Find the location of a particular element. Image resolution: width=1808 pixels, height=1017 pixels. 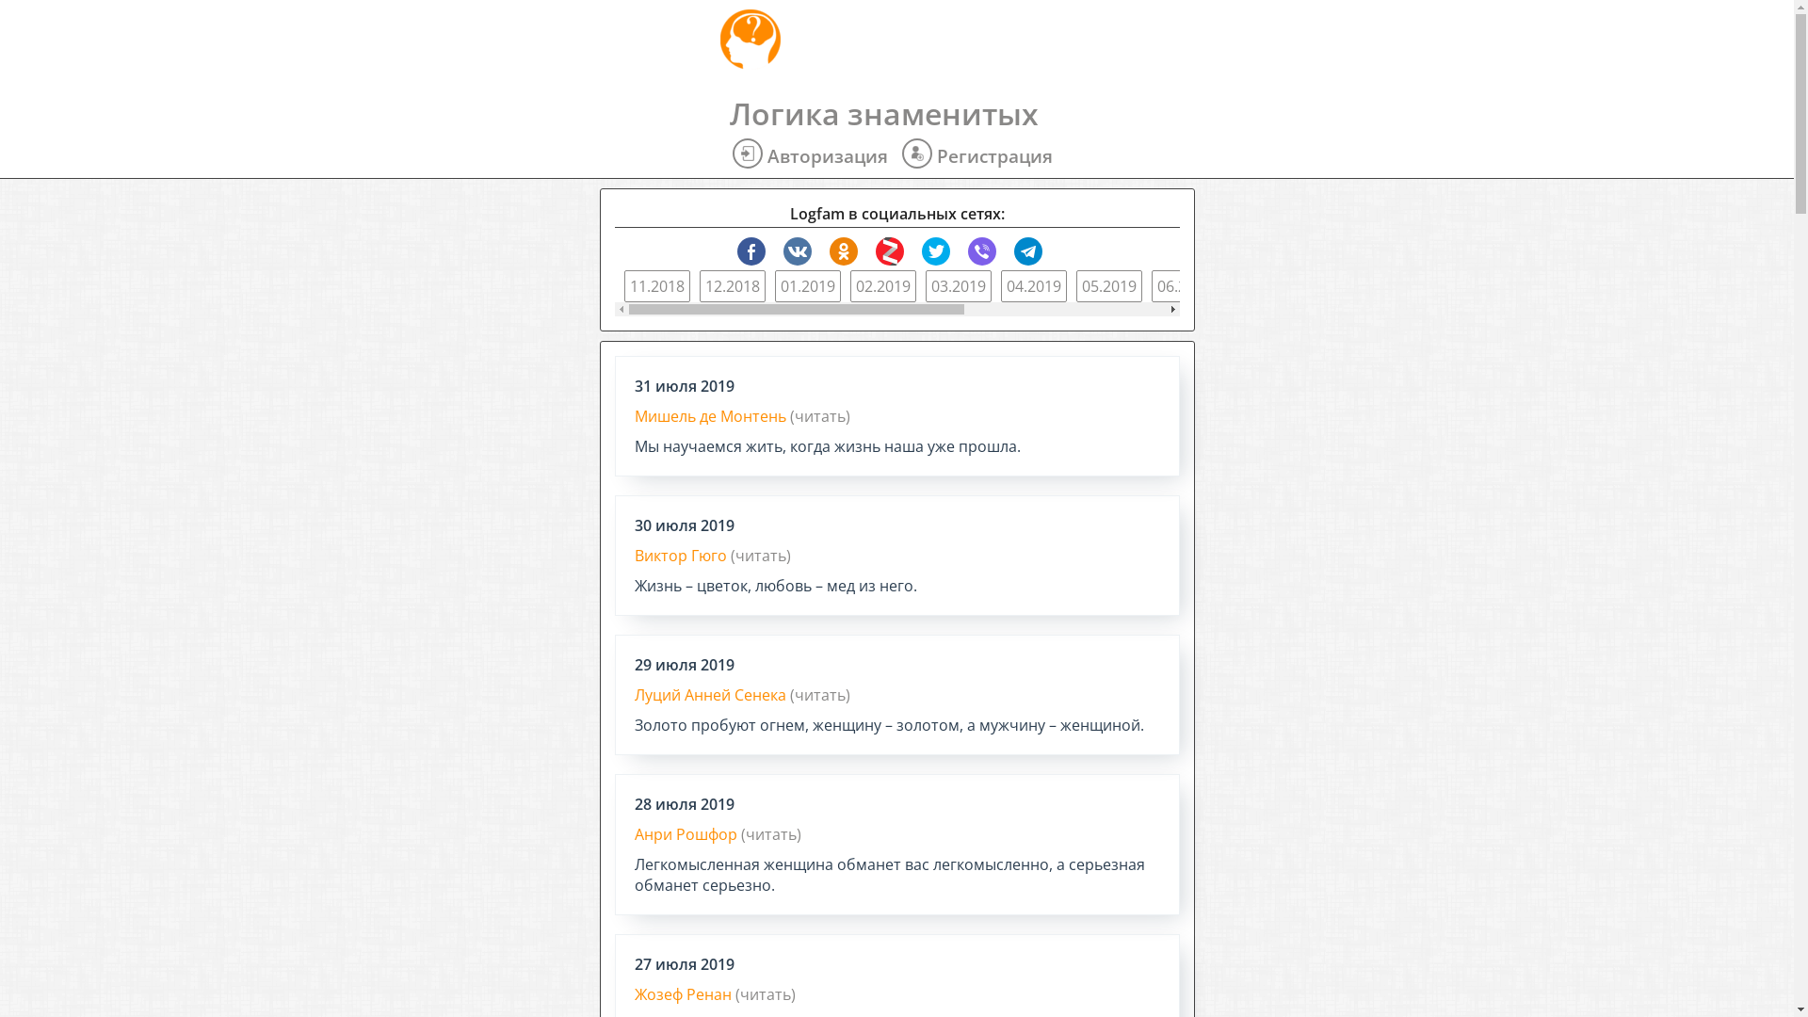

'04.2019' is located at coordinates (1032, 286).